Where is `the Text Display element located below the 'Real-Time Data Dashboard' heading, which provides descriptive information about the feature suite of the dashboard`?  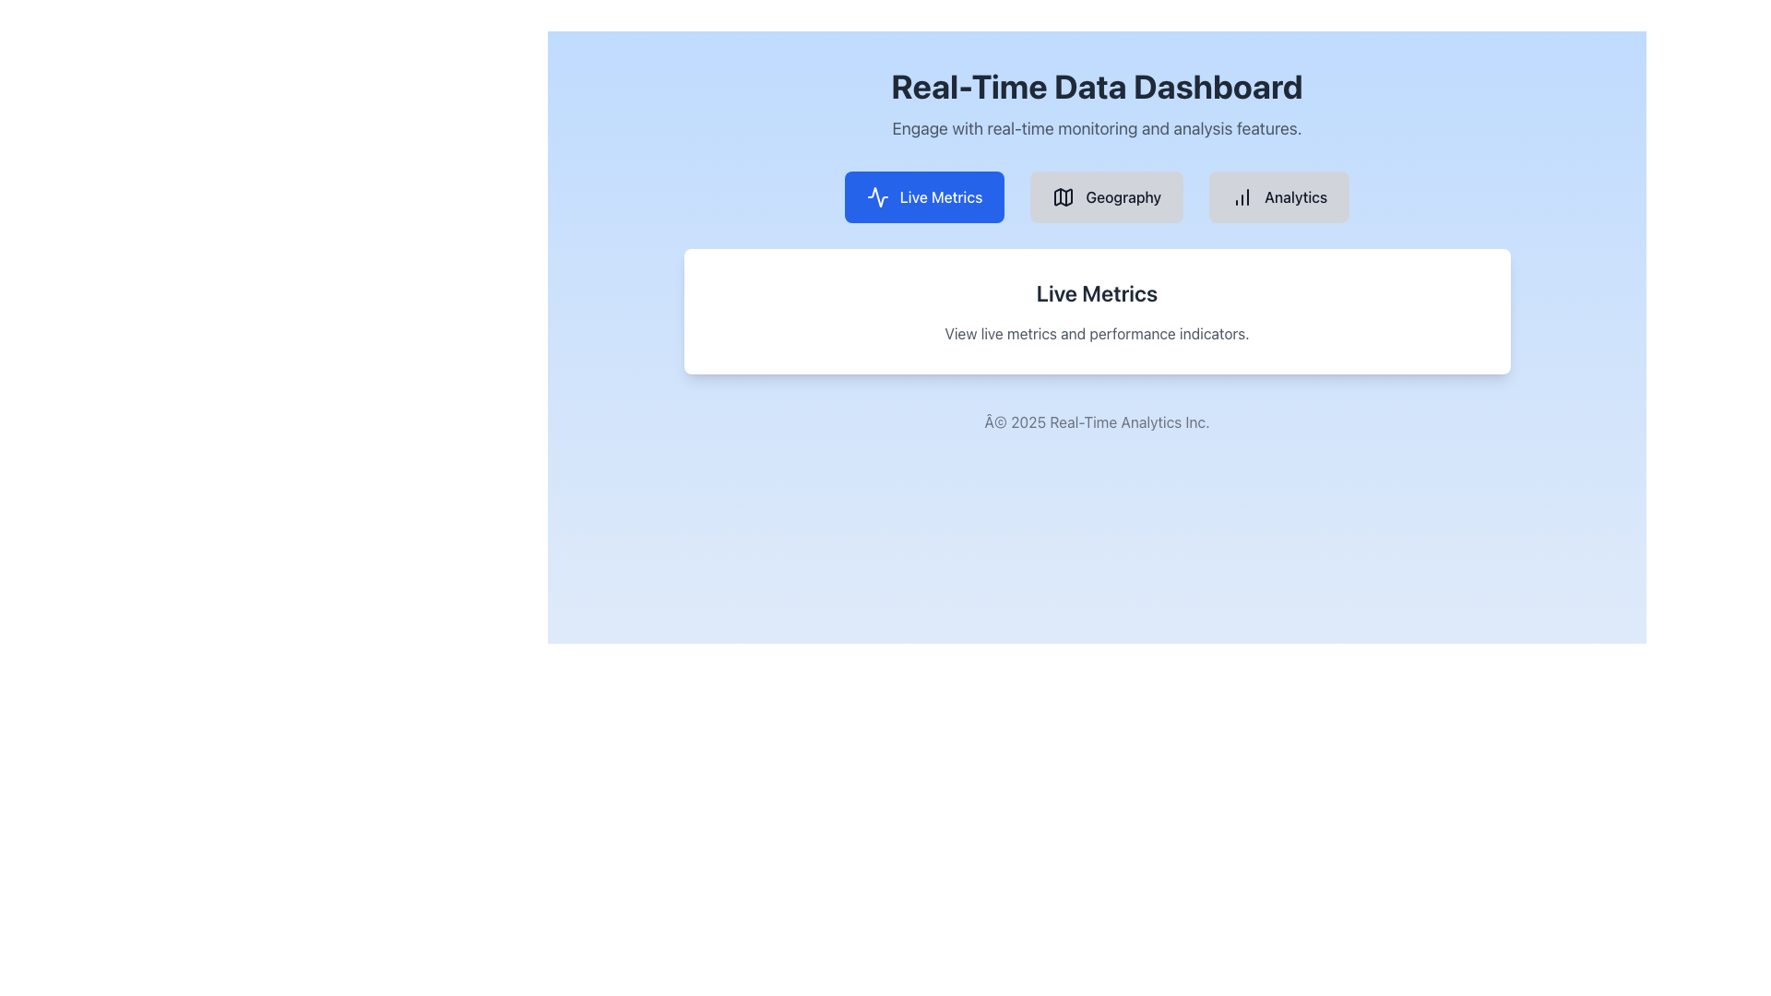
the Text Display element located below the 'Real-Time Data Dashboard' heading, which provides descriptive information about the feature suite of the dashboard is located at coordinates (1097, 127).